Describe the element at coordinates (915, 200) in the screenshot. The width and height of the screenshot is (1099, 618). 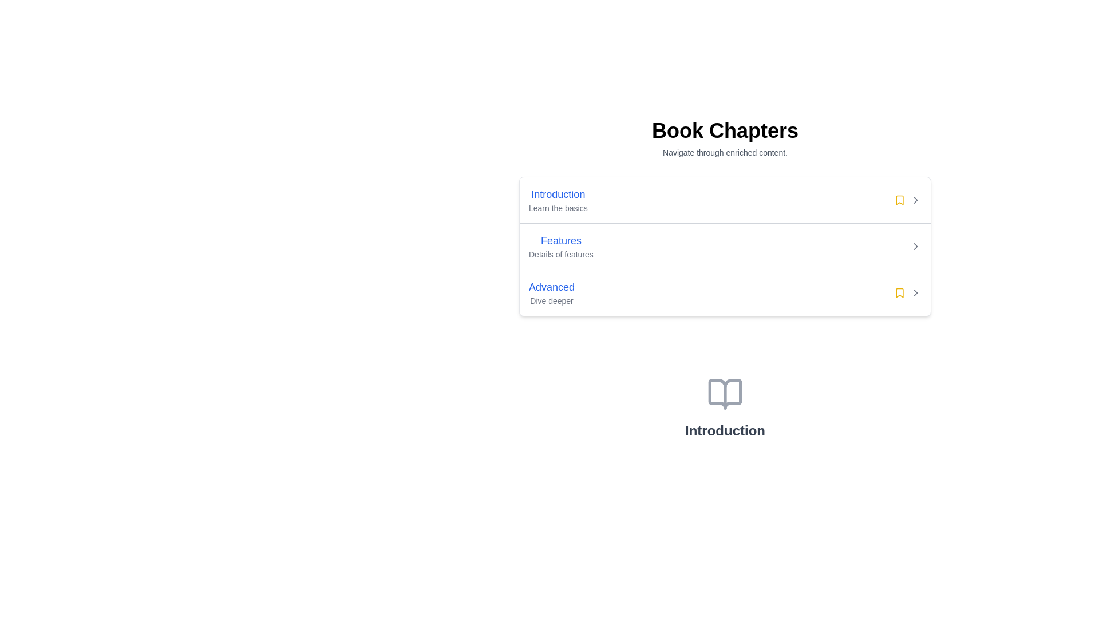
I see `the right-facing chevron icon, which indicates navigation or progression, located at the rightmost end of its row, adjacent to a yellow bookmark icon` at that location.